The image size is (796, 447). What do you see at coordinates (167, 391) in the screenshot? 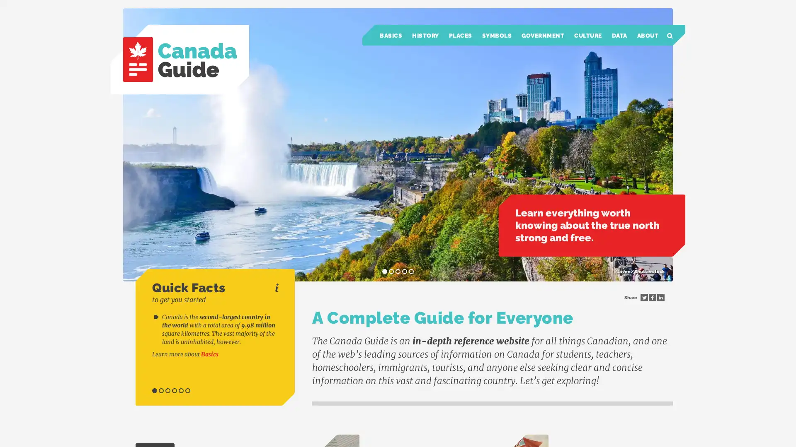
I see `Go to slide 3` at bounding box center [167, 391].